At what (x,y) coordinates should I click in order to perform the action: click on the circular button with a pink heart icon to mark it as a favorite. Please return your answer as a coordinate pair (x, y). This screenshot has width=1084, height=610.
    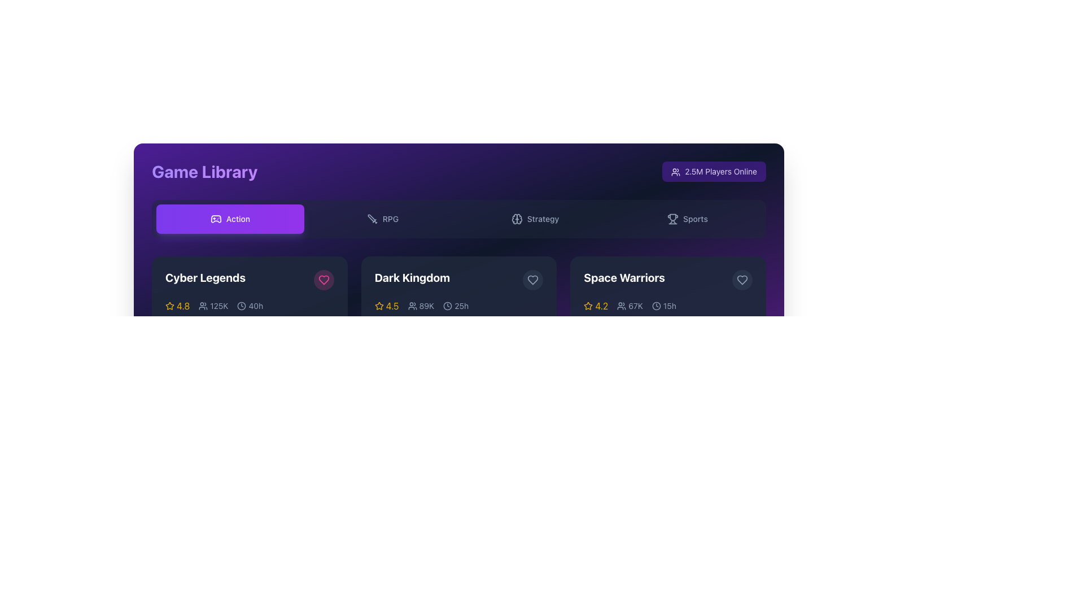
    Looking at the image, I should click on (323, 280).